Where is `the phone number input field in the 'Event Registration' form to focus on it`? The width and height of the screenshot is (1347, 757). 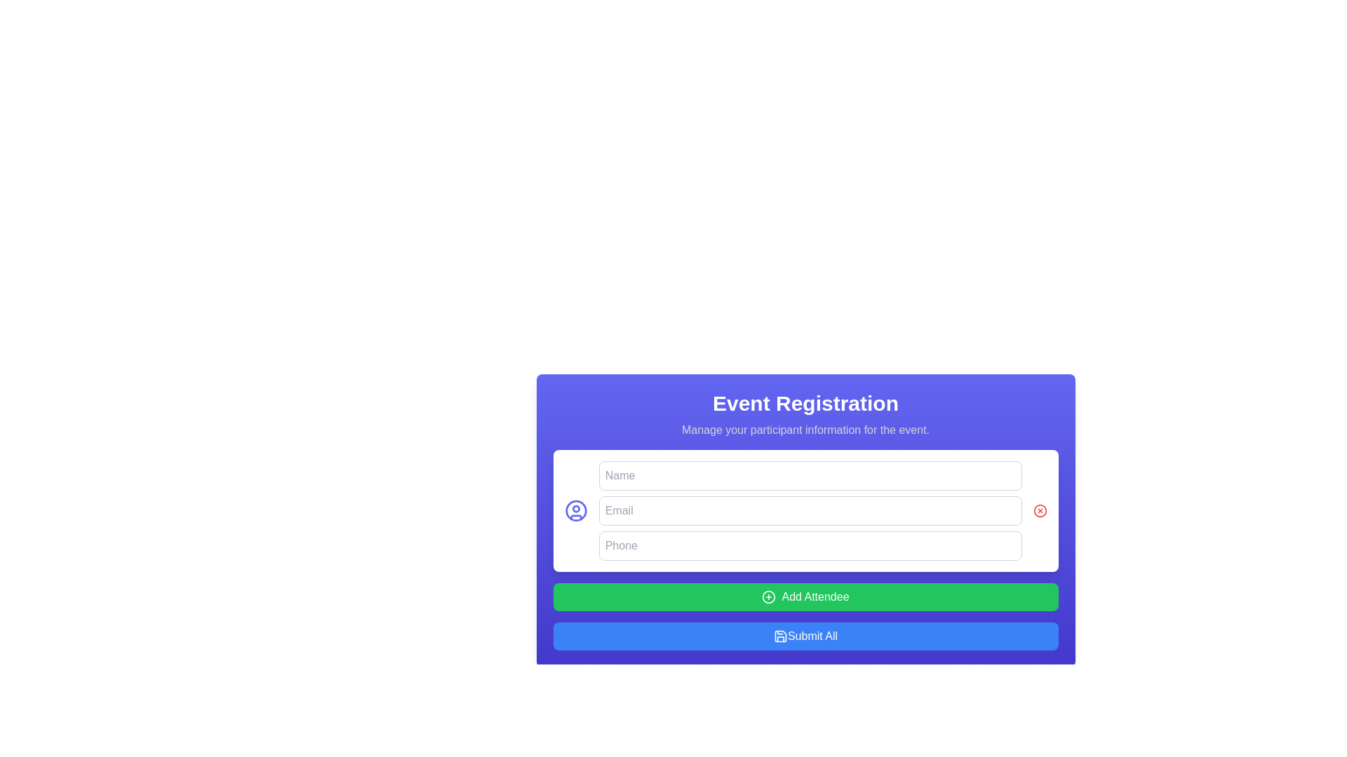 the phone number input field in the 'Event Registration' form to focus on it is located at coordinates (810, 545).